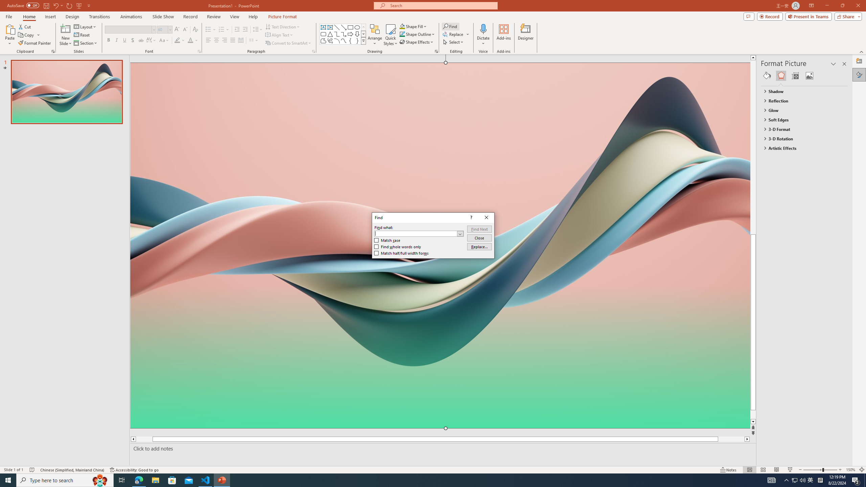 This screenshot has height=487, width=866. Describe the element at coordinates (279, 35) in the screenshot. I see `'Align Text'` at that location.